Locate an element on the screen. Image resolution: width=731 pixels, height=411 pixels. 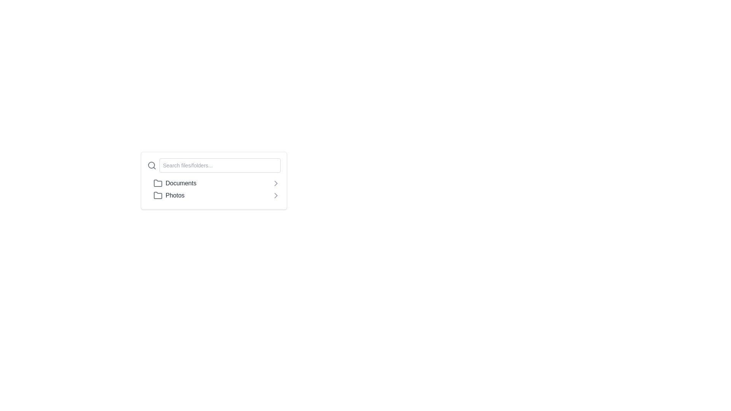
the right-facing chevron icon located at the rightmost side of the 'Photos' folder entry is located at coordinates (275, 195).